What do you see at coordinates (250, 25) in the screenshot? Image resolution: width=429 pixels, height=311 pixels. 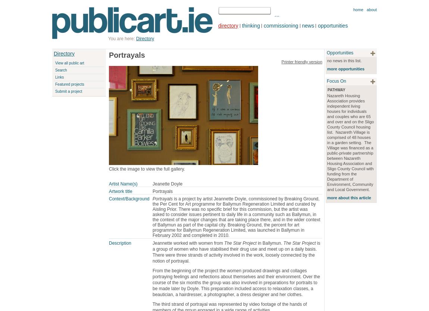 I see `'thinking'` at bounding box center [250, 25].